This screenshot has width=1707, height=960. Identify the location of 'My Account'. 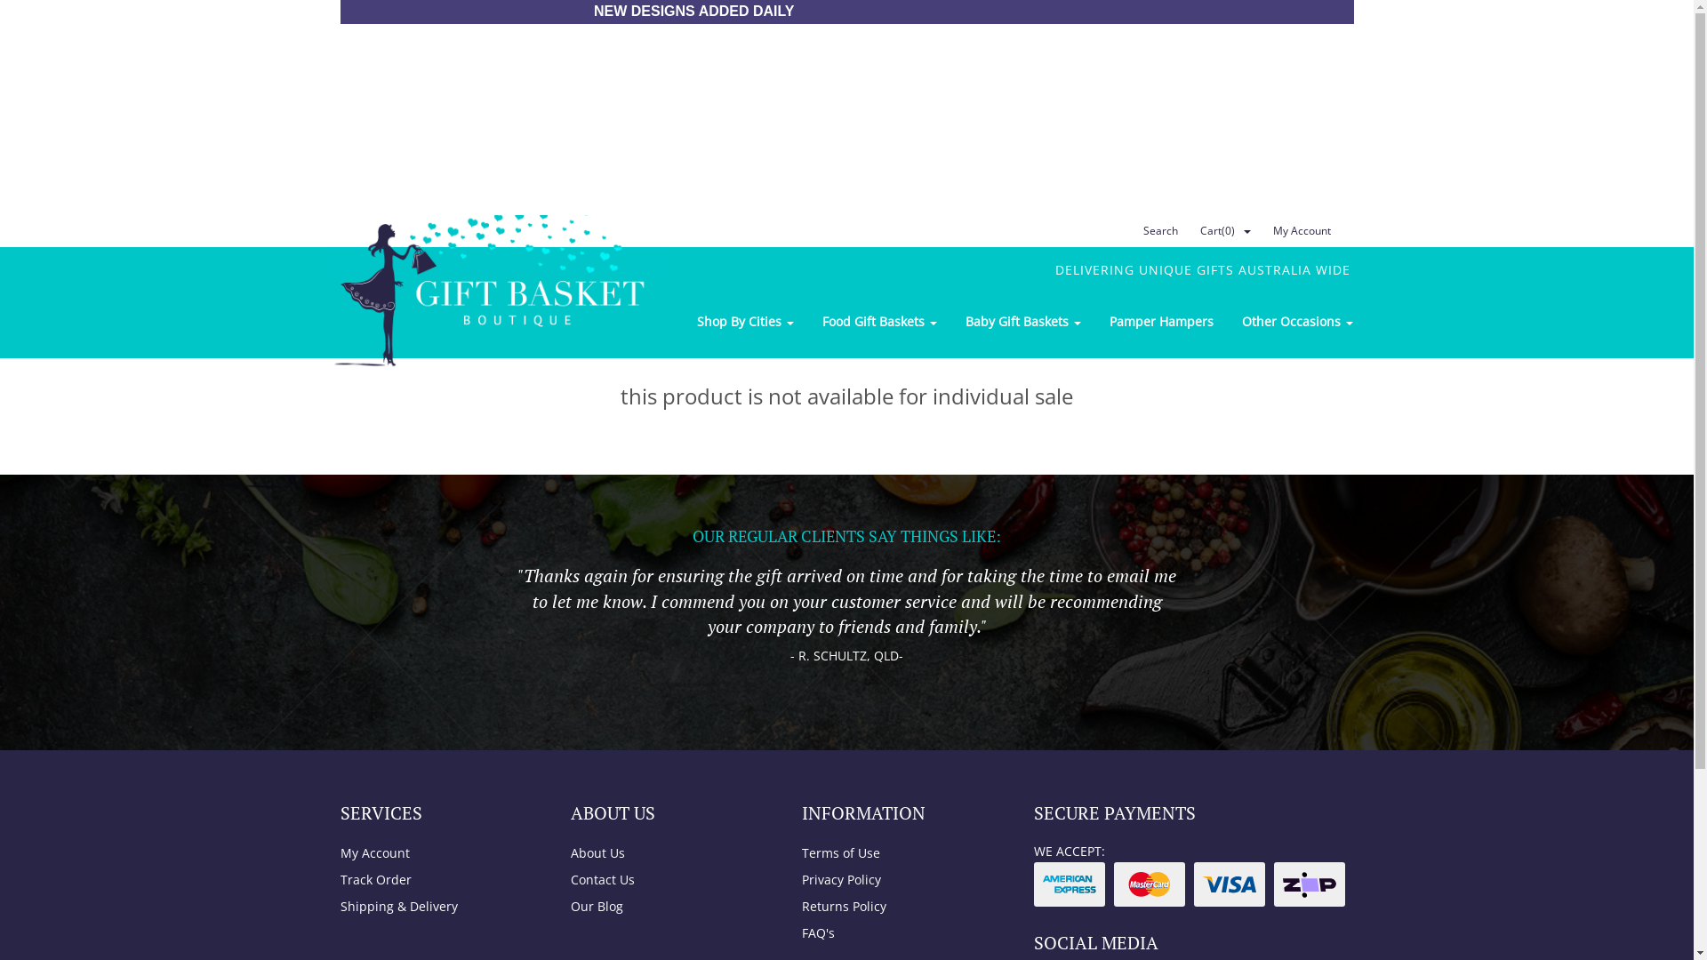
(436, 852).